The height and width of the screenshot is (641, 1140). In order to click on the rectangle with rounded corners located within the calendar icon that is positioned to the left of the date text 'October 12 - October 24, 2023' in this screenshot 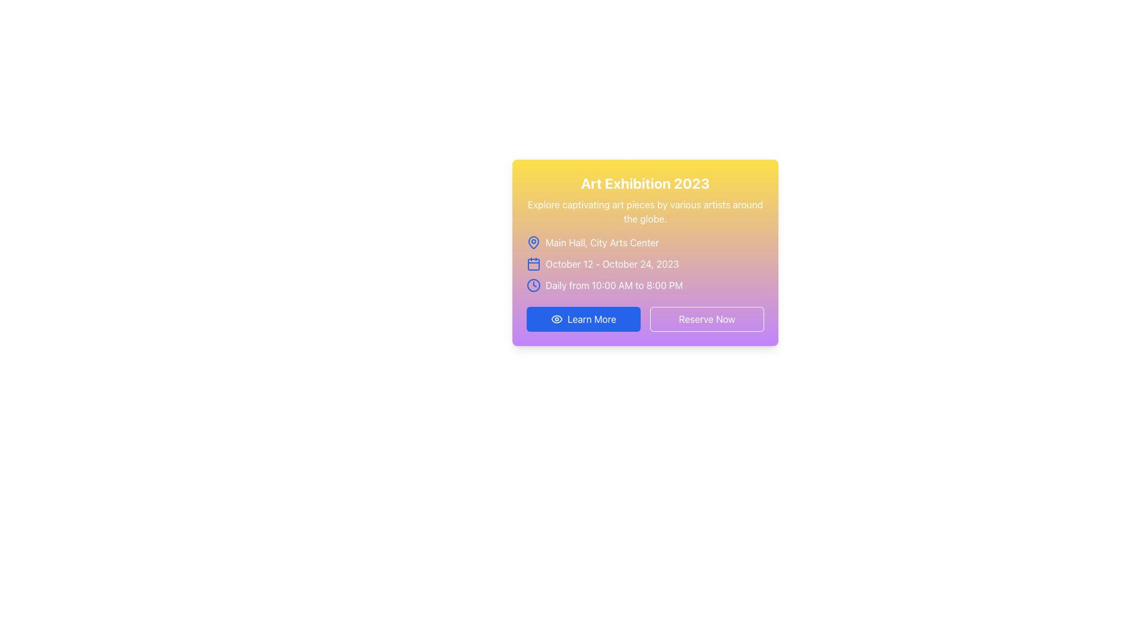, I will do `click(533, 264)`.